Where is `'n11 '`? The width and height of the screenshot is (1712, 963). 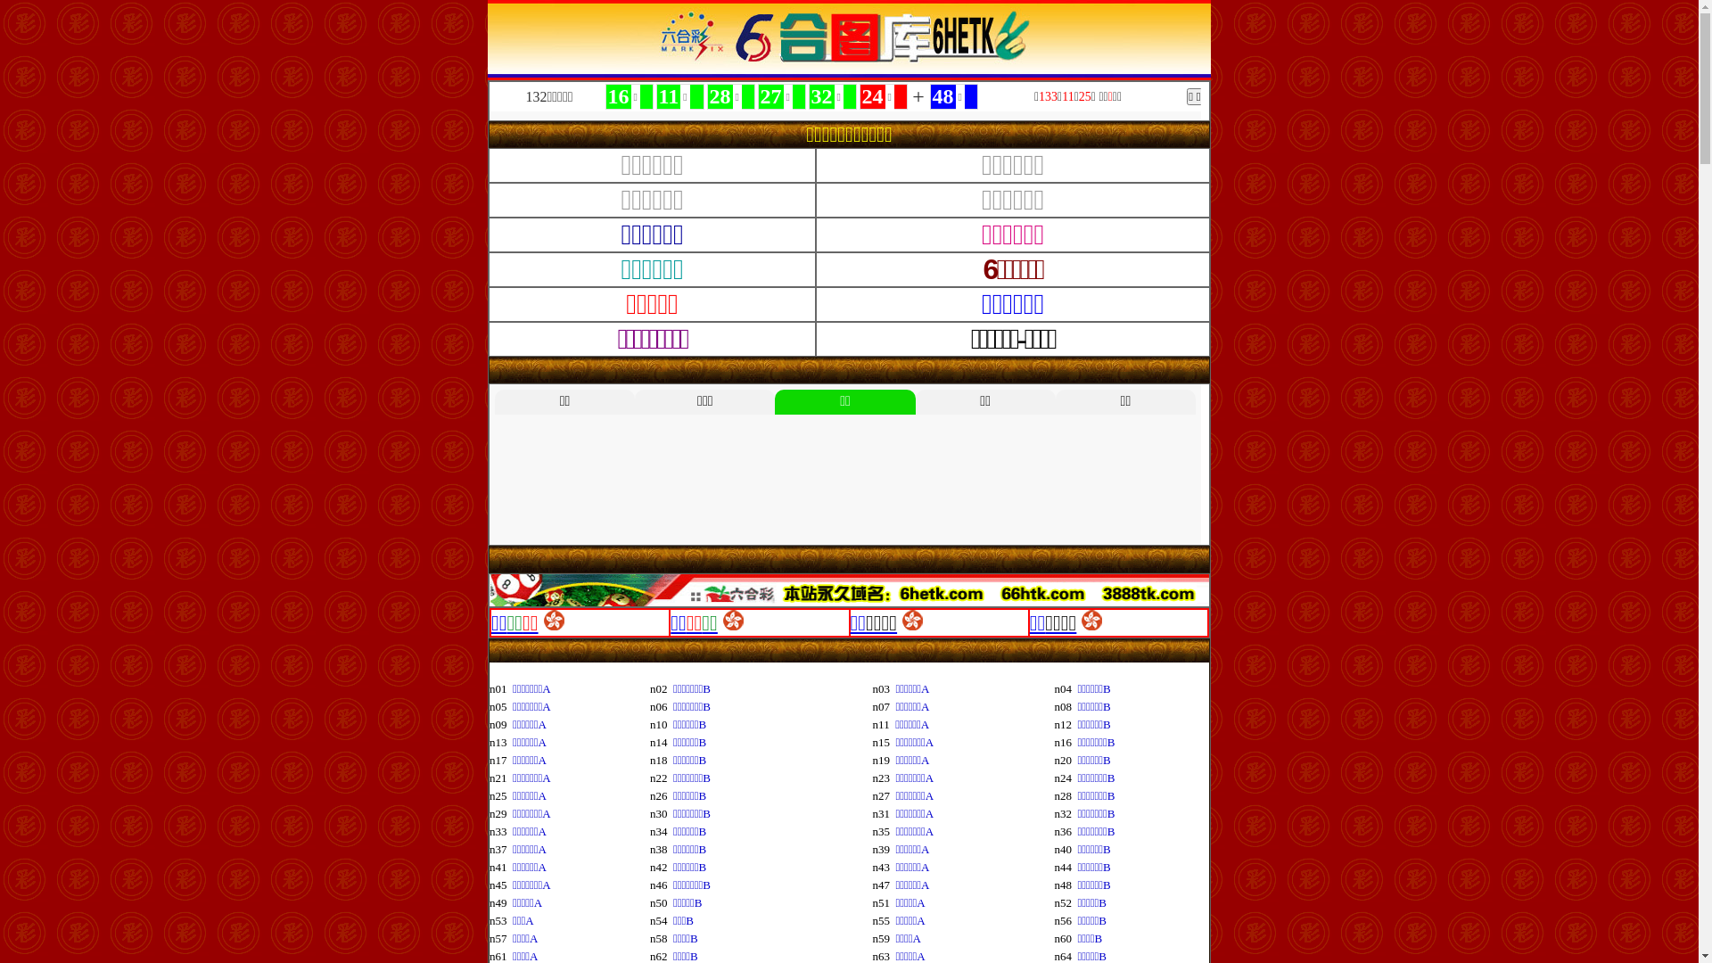 'n11 ' is located at coordinates (885, 724).